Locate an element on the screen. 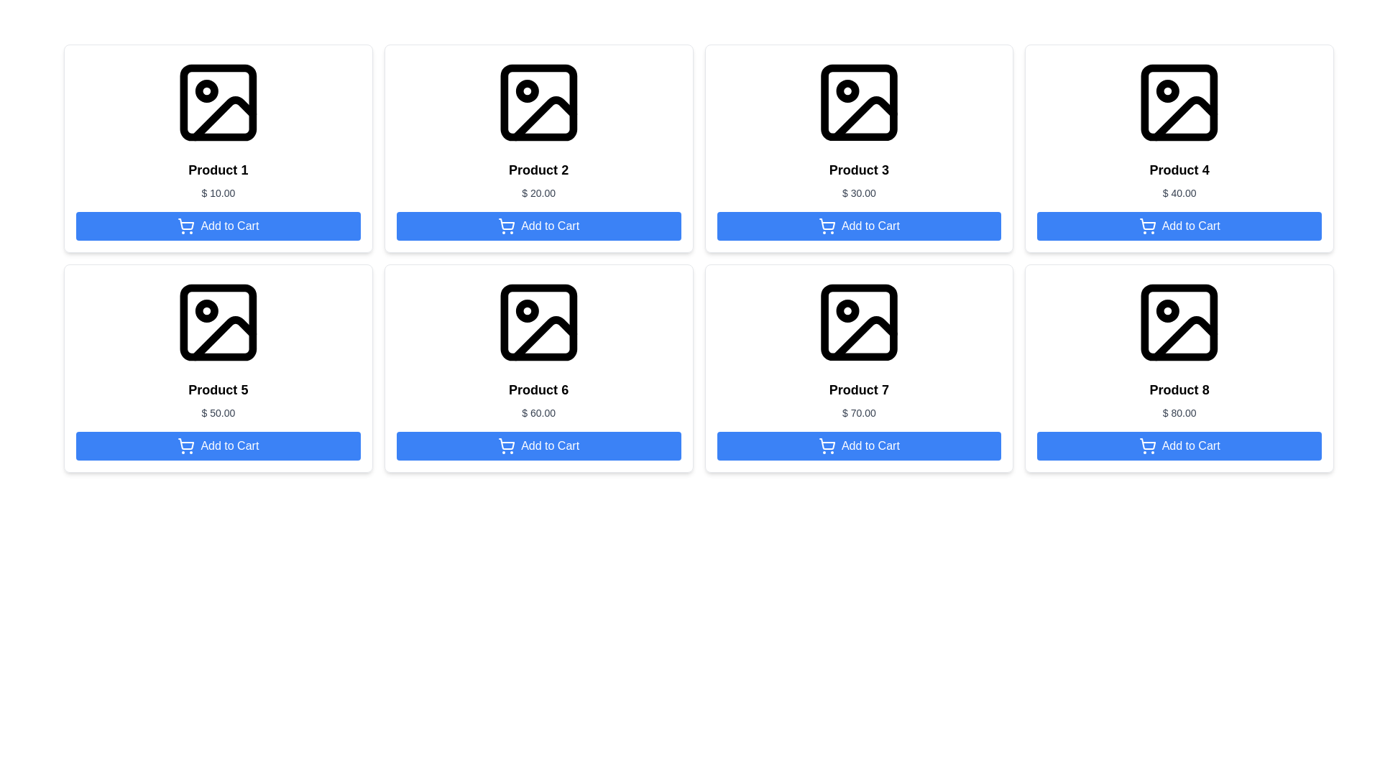 The image size is (1380, 776). the 'Add to Cart' button which contains the shopping cart icon for 'Product 8' located in the bottom-right corner of the grid layout is located at coordinates (1146, 445).